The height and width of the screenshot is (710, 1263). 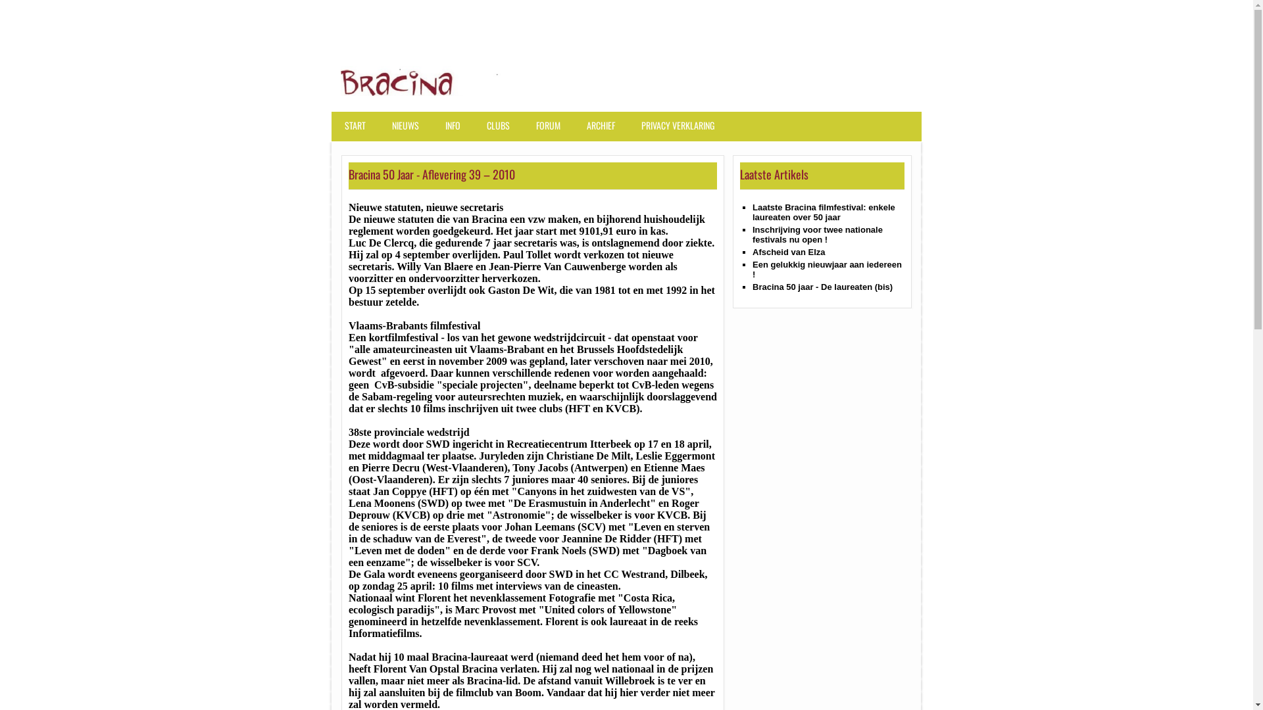 What do you see at coordinates (603, 131) in the screenshot?
I see `'ARCHIEF'` at bounding box center [603, 131].